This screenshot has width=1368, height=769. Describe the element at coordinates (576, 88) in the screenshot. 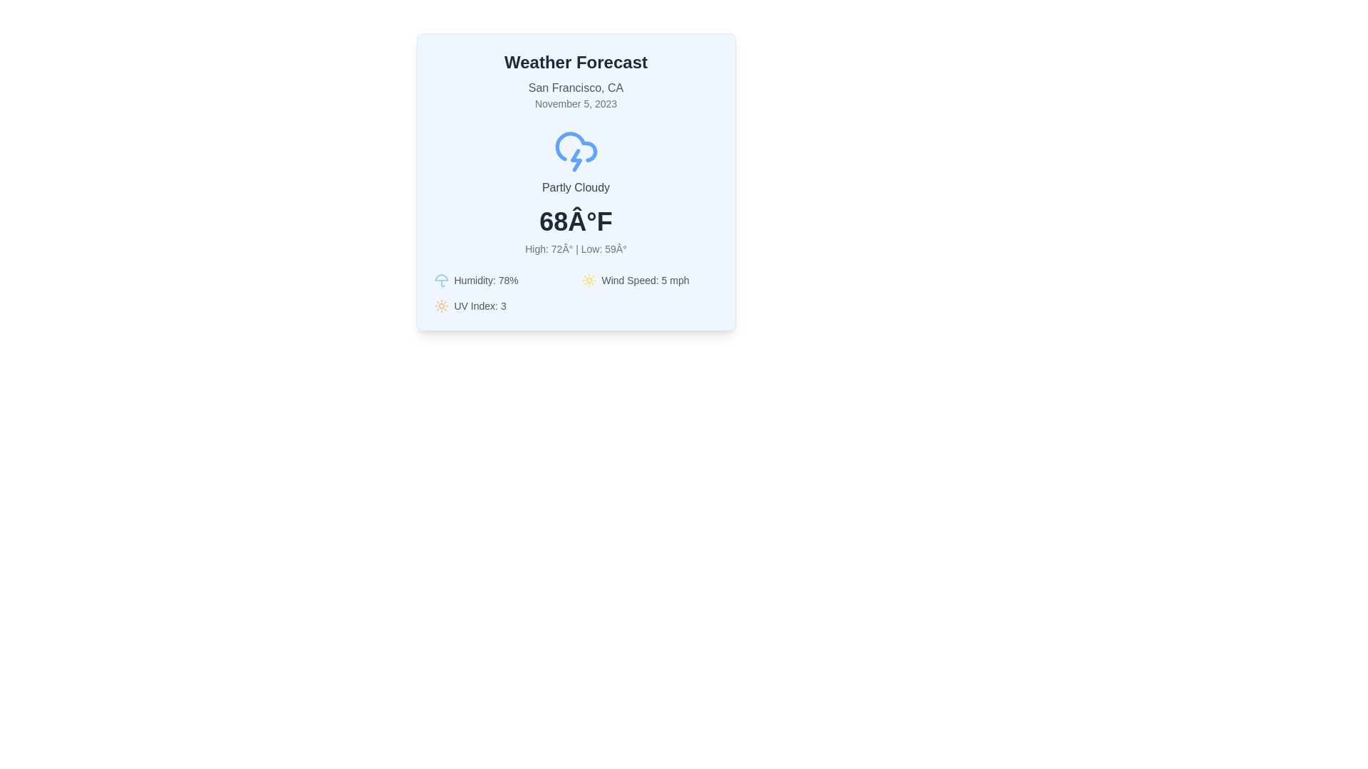

I see `the Text Label displaying the location associated with the weather forecast, positioned below 'Weather Forecast' and above 'November 5, 2023'` at that location.